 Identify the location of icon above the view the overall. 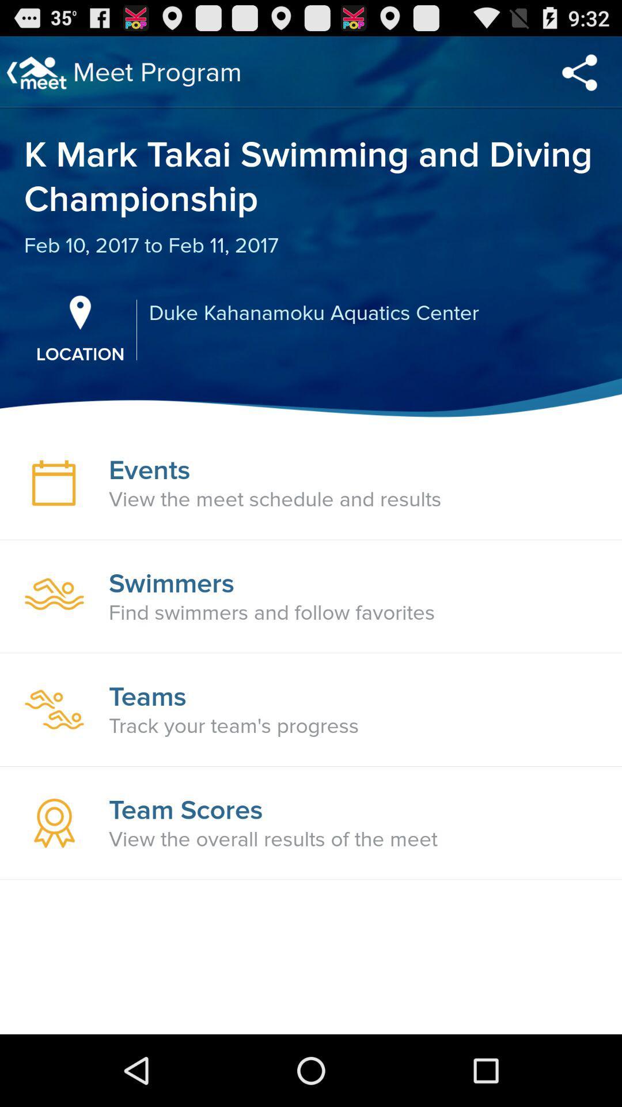
(185, 809).